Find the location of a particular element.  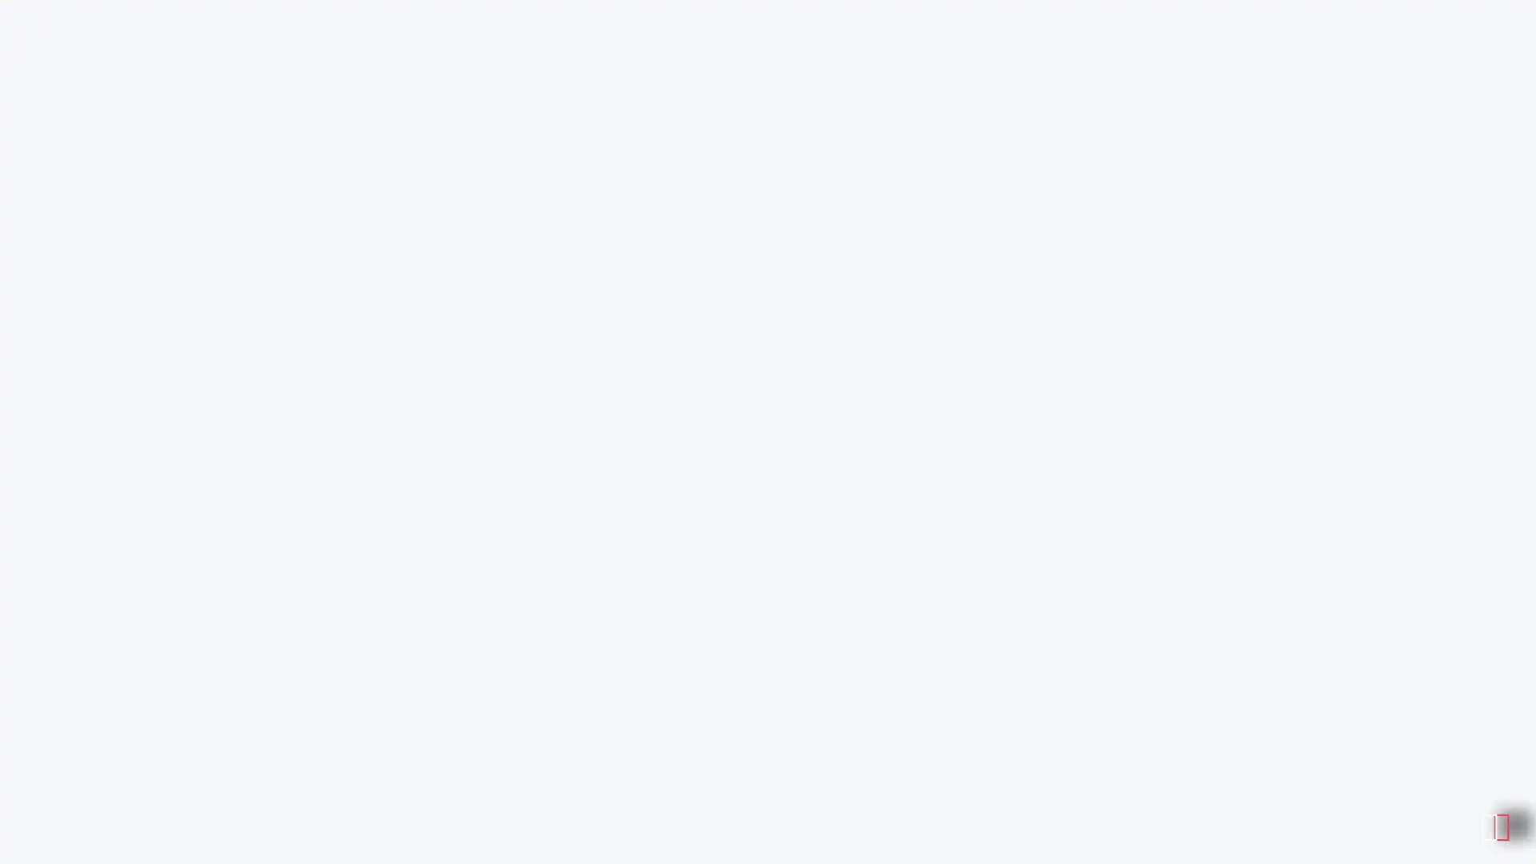

Got it is located at coordinates (1474, 70).